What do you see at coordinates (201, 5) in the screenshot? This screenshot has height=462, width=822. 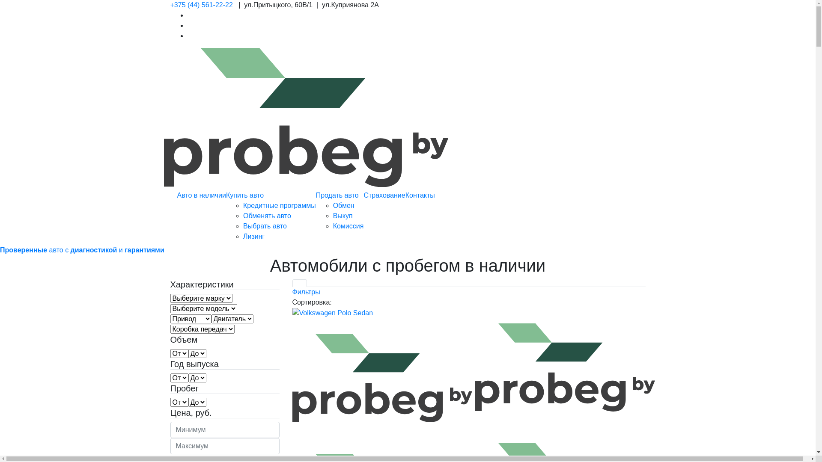 I see `'+375 (44) 561-22-22'` at bounding box center [201, 5].